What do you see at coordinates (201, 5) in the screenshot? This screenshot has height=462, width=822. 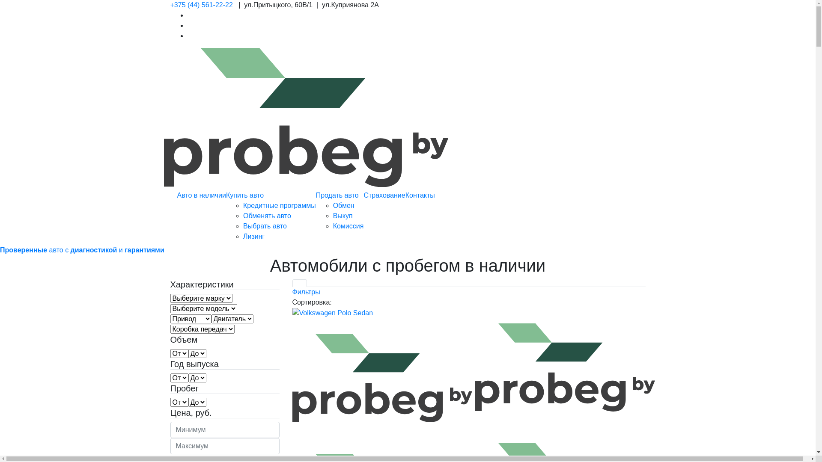 I see `'+375 (44) 561-22-22'` at bounding box center [201, 5].